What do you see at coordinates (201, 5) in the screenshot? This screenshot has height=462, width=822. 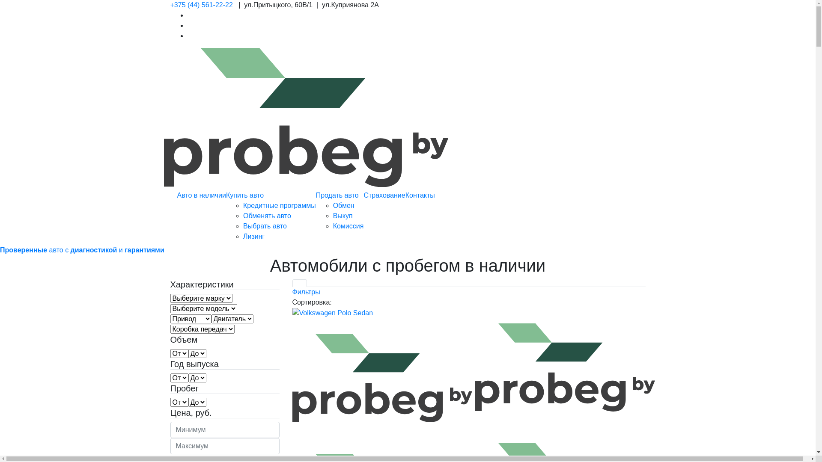 I see `'+375 (44) 561-22-22'` at bounding box center [201, 5].